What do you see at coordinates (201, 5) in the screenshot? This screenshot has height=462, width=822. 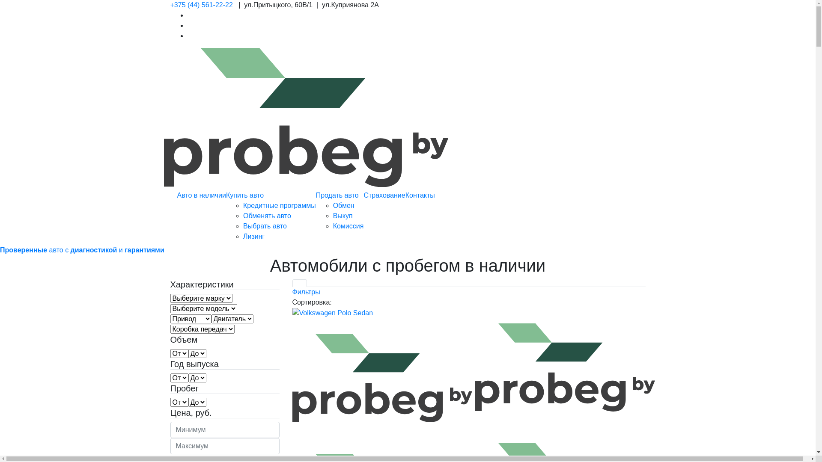 I see `'+375 (44) 561-22-22'` at bounding box center [201, 5].